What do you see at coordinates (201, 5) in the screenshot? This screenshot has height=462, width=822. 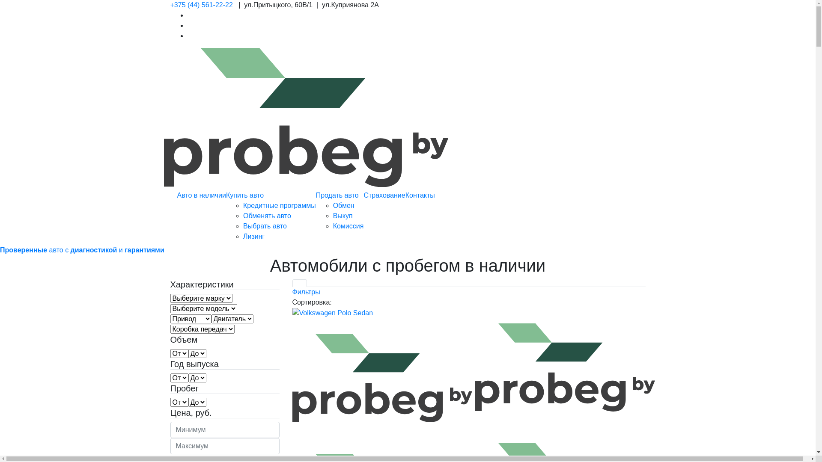 I see `'+375 (44) 561-22-22'` at bounding box center [201, 5].